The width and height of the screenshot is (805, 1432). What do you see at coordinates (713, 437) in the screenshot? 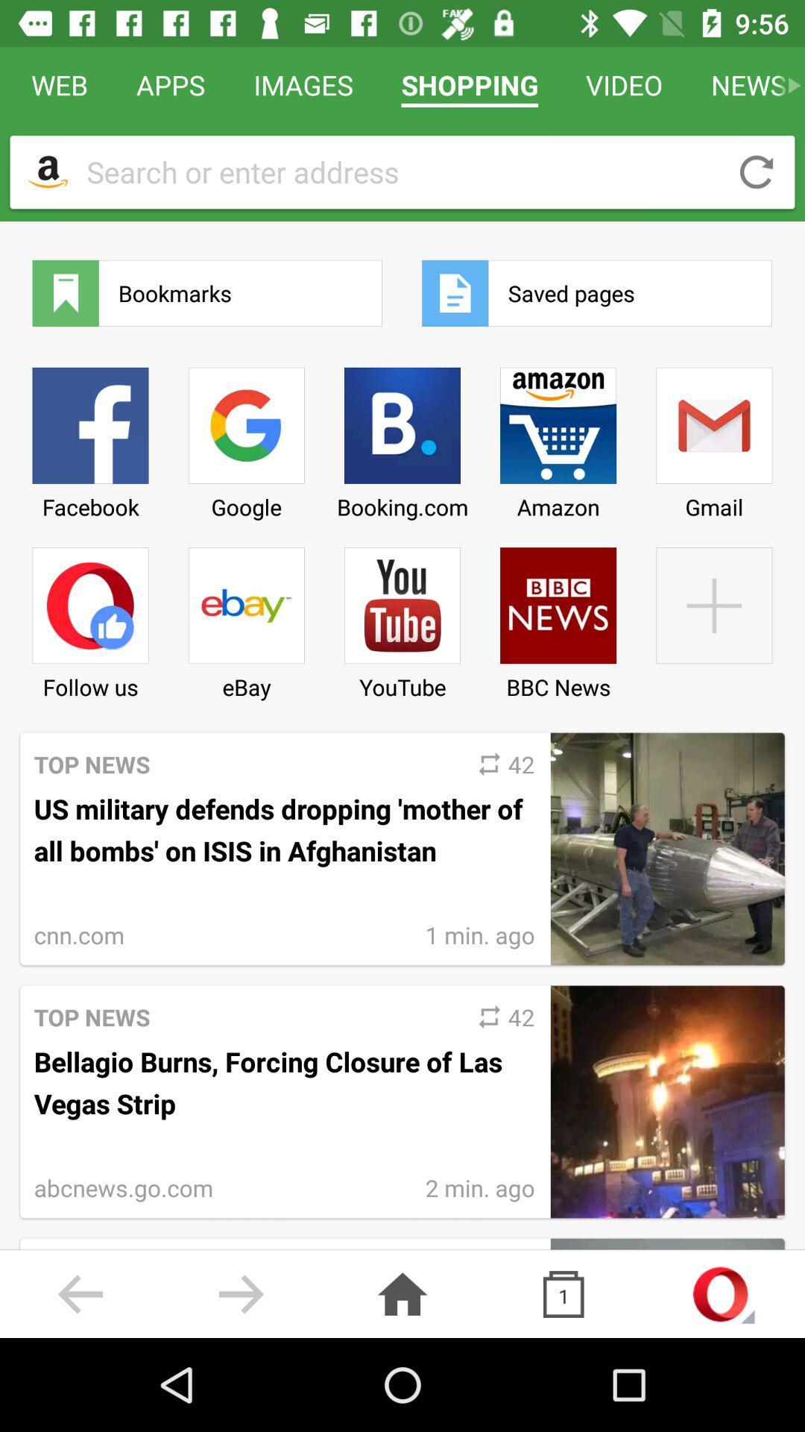
I see `the item next to amazon item` at bounding box center [713, 437].